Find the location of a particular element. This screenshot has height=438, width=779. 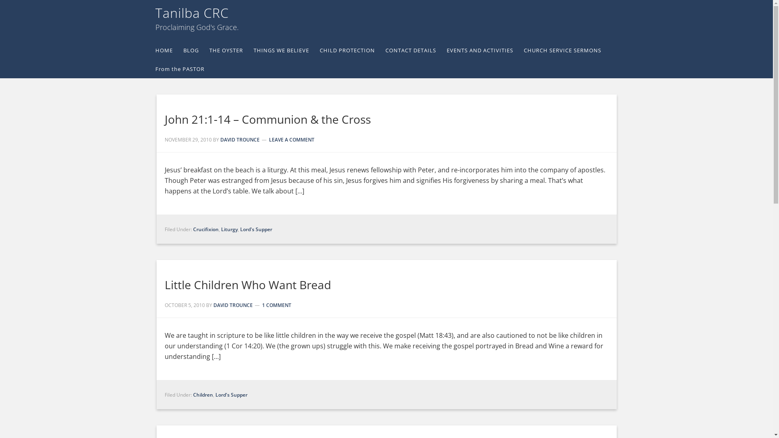

'CHURCH SERVICE SERMONS' is located at coordinates (567, 50).